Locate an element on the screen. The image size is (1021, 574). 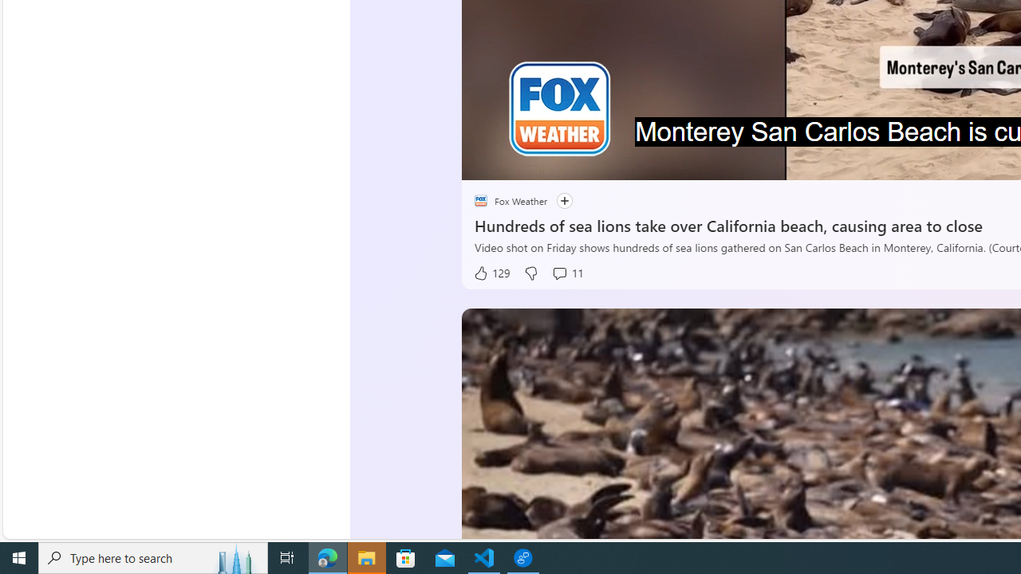
'129 Like' is located at coordinates (490, 273).